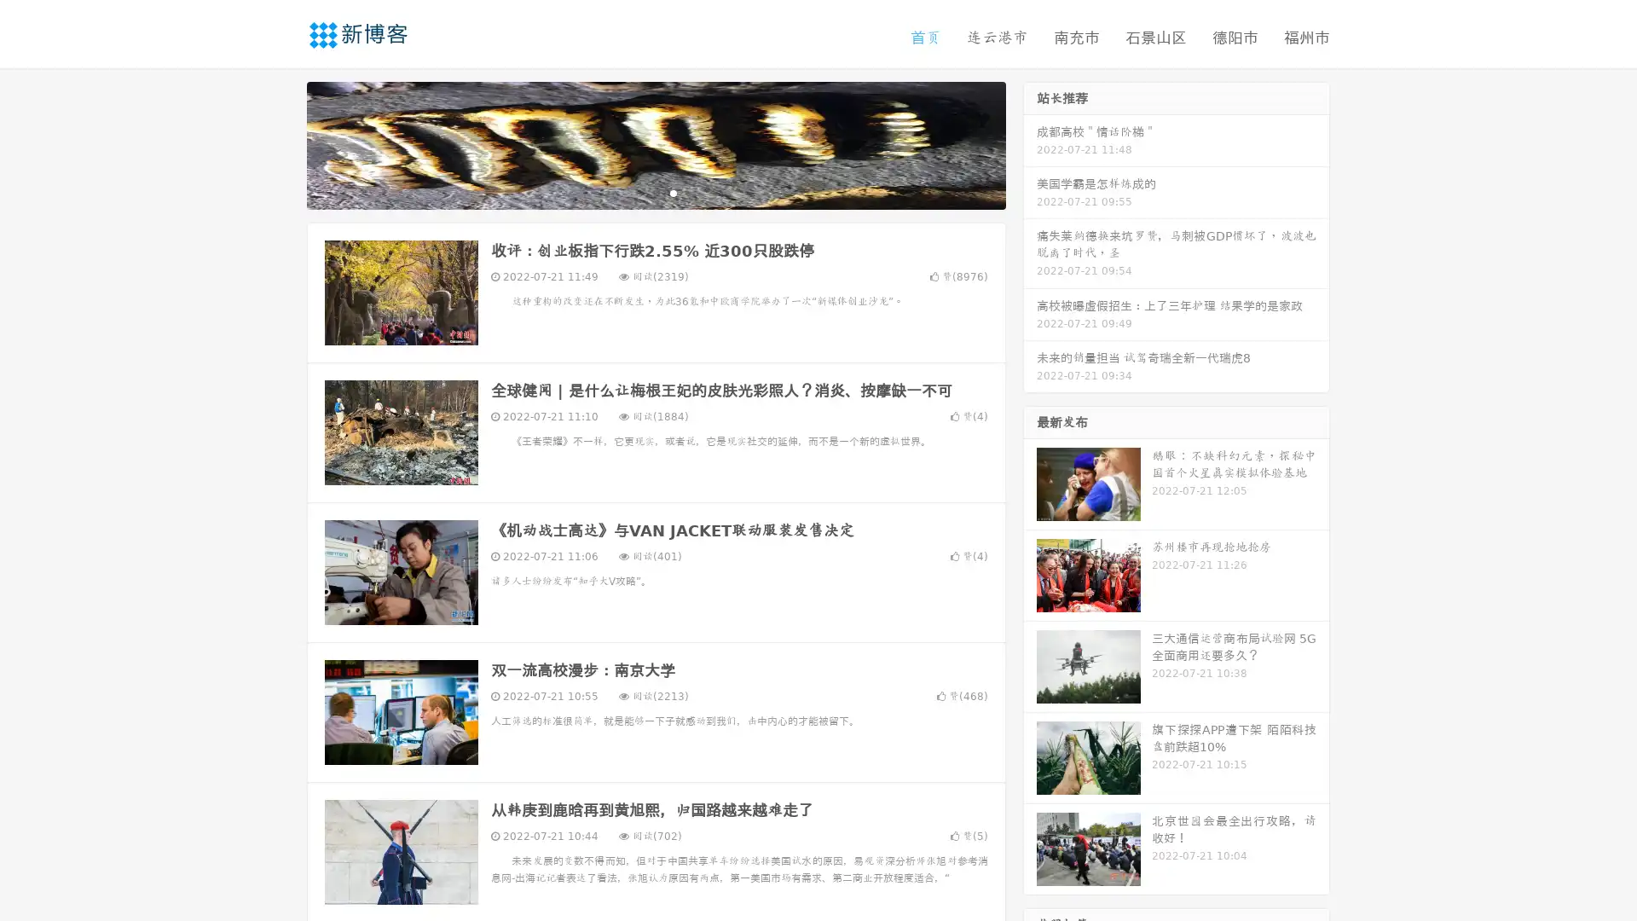  What do you see at coordinates (655, 192) in the screenshot?
I see `Go to slide 2` at bounding box center [655, 192].